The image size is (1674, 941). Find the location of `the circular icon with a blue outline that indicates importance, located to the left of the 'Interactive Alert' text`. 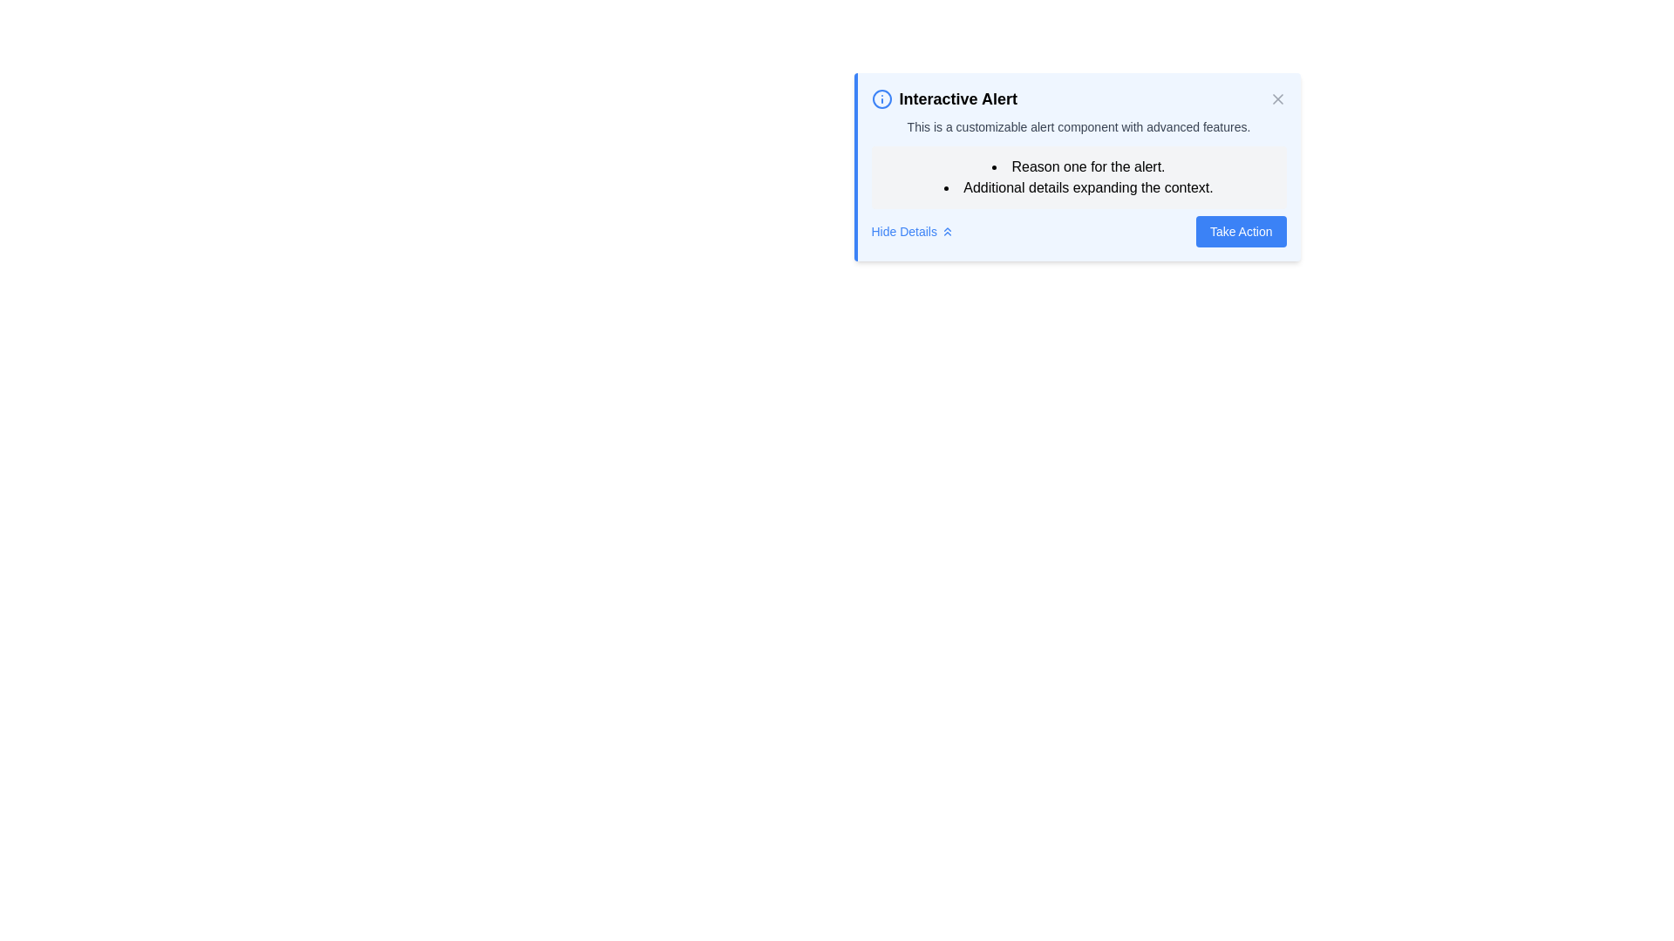

the circular icon with a blue outline that indicates importance, located to the left of the 'Interactive Alert' text is located at coordinates (881, 99).